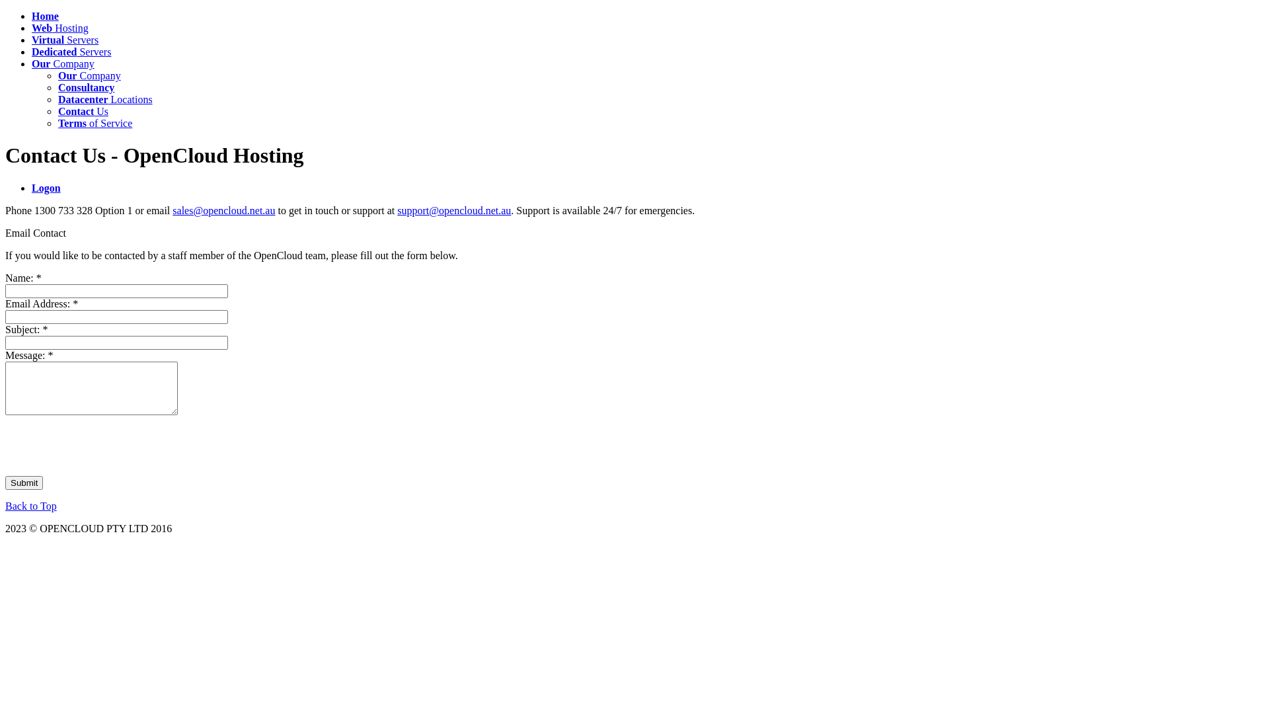 This screenshot has width=1269, height=714. What do you see at coordinates (62, 63) in the screenshot?
I see `'Our Company'` at bounding box center [62, 63].